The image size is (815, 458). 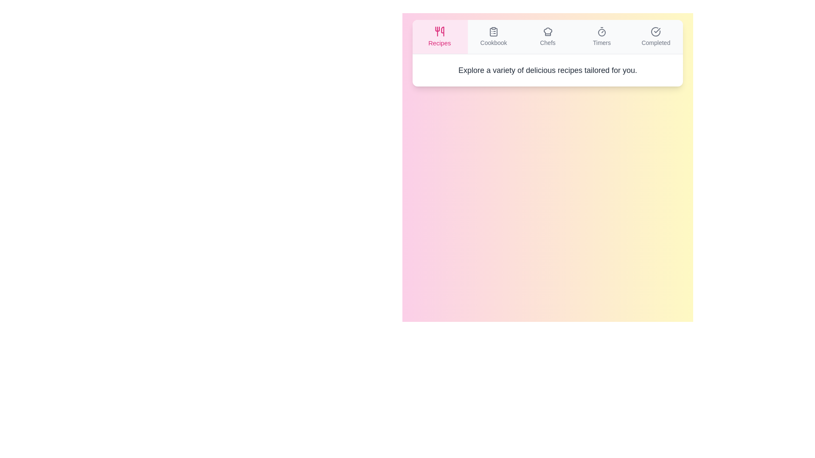 What do you see at coordinates (439, 36) in the screenshot?
I see `the tab labeled Recipes to view its associated content` at bounding box center [439, 36].